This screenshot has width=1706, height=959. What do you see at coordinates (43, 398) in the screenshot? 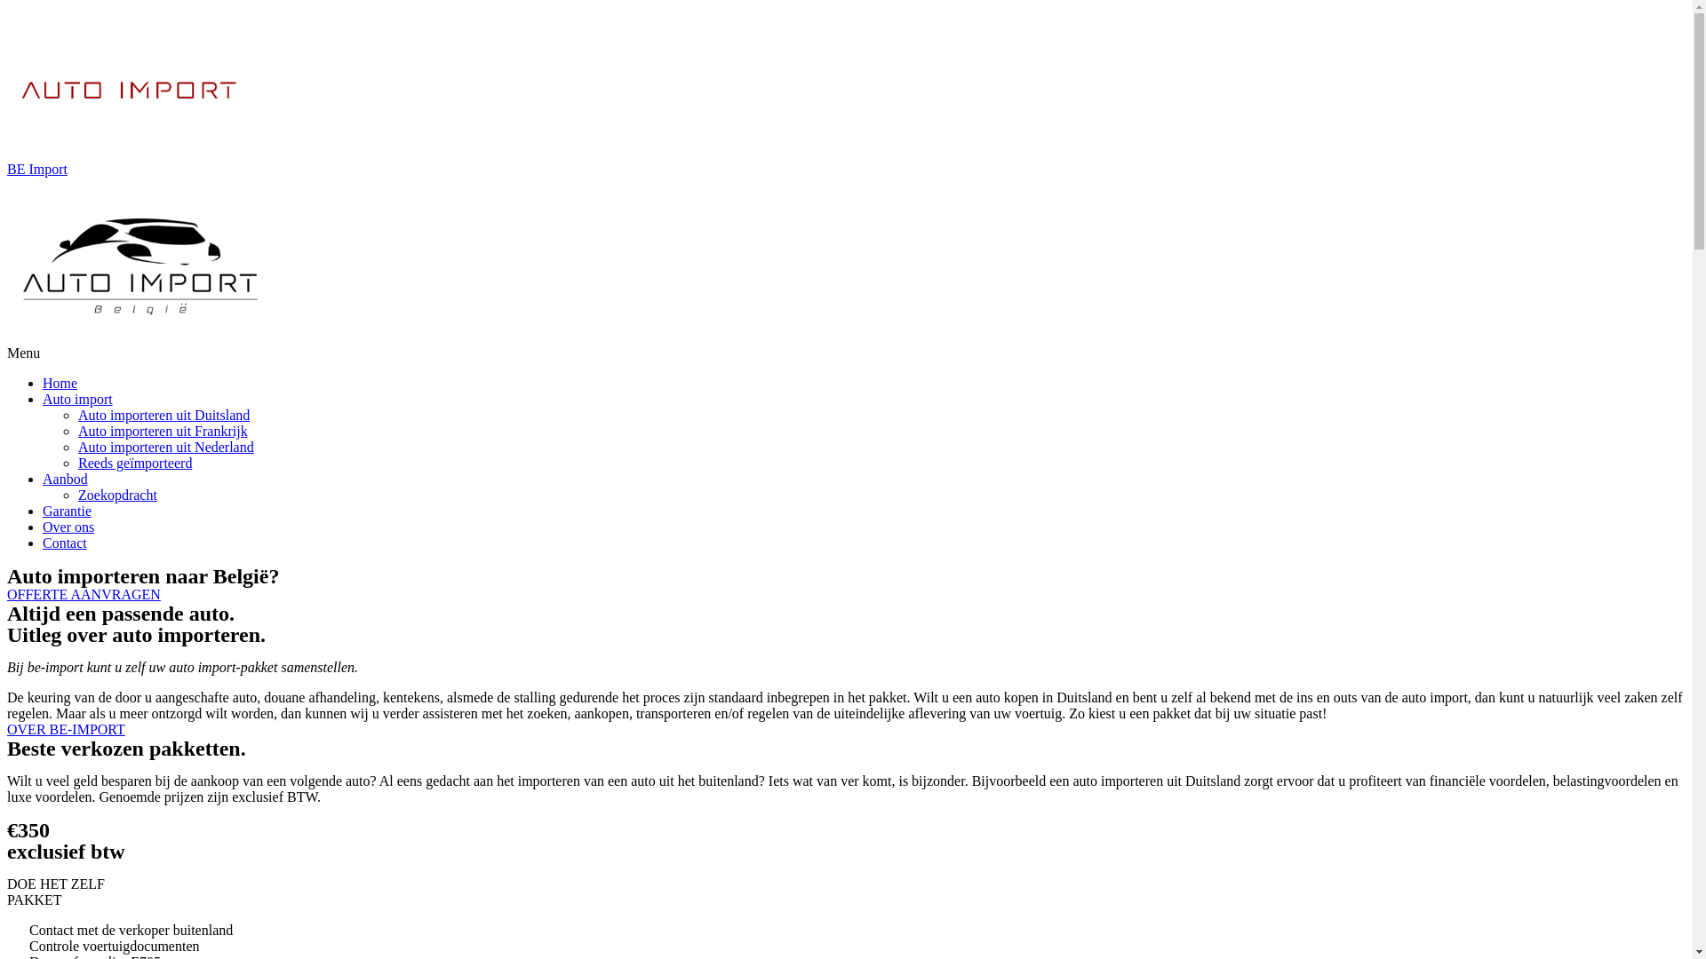
I see `'Auto import'` at bounding box center [43, 398].